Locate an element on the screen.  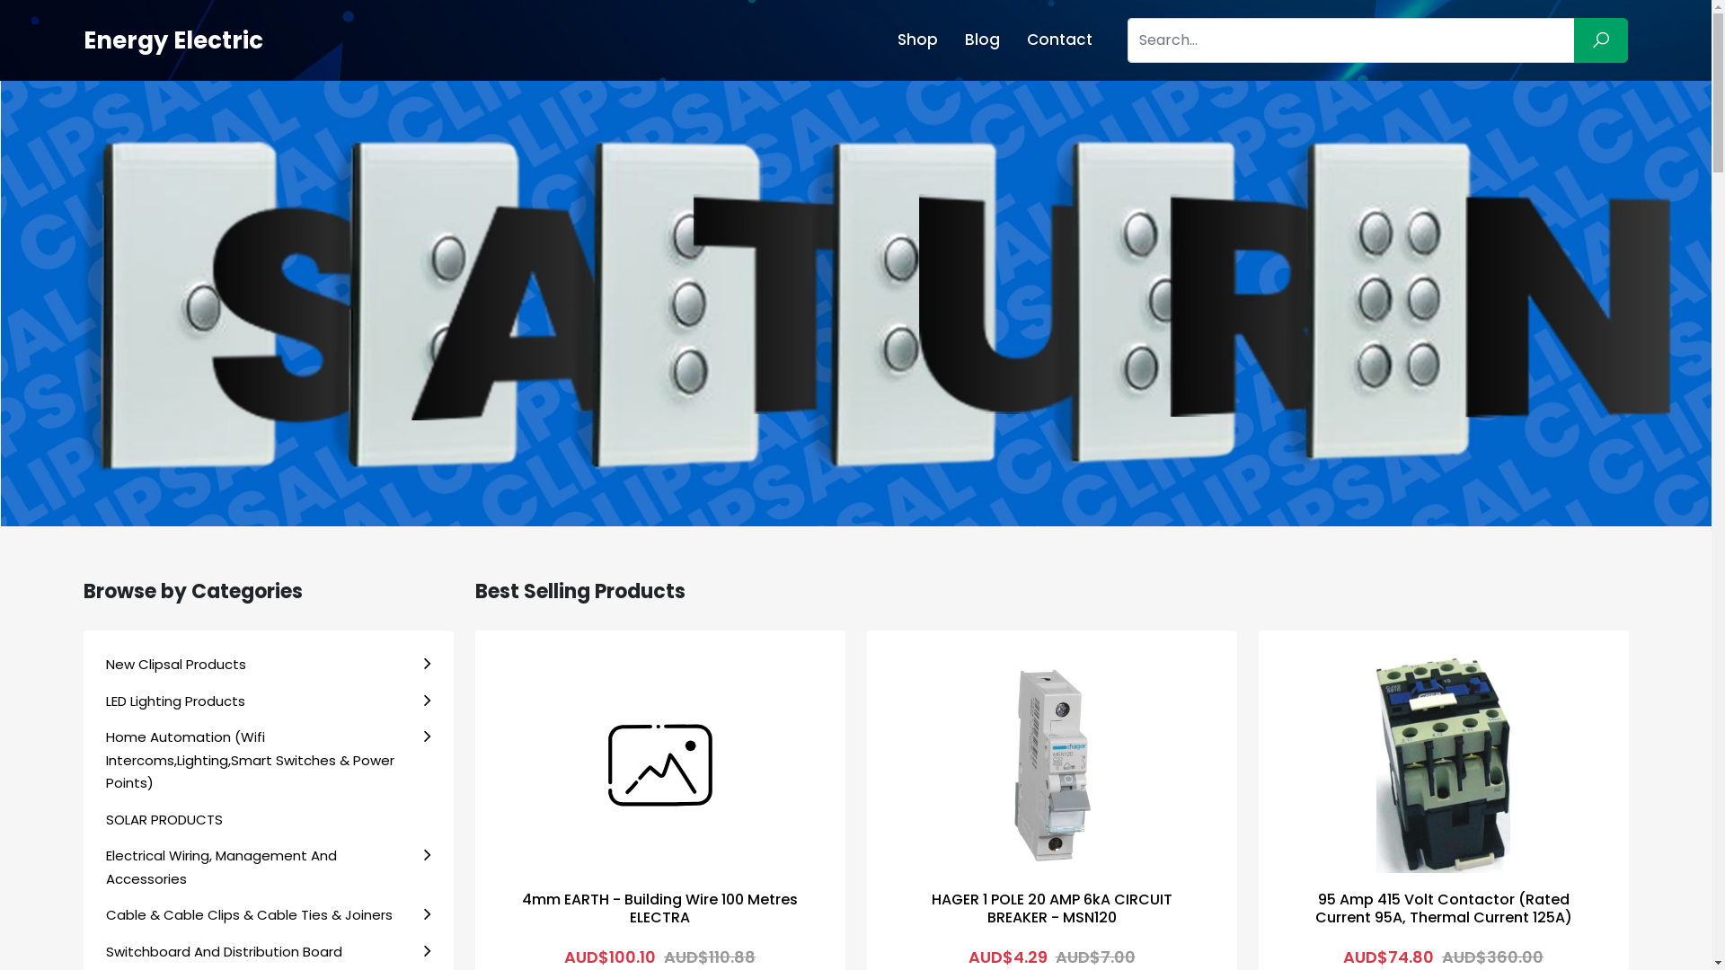
'Energy Electric' is located at coordinates (172, 40).